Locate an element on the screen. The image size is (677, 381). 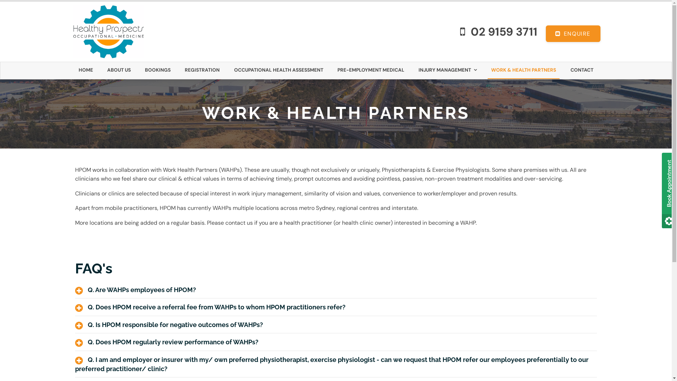
'ENQUIRE' is located at coordinates (573, 34).